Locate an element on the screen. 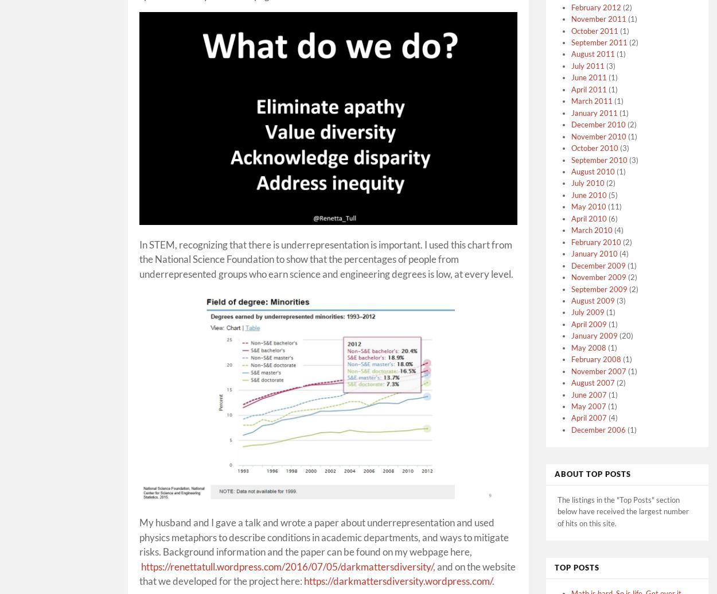 The height and width of the screenshot is (594, 717). 'January 2009' is located at coordinates (570, 335).